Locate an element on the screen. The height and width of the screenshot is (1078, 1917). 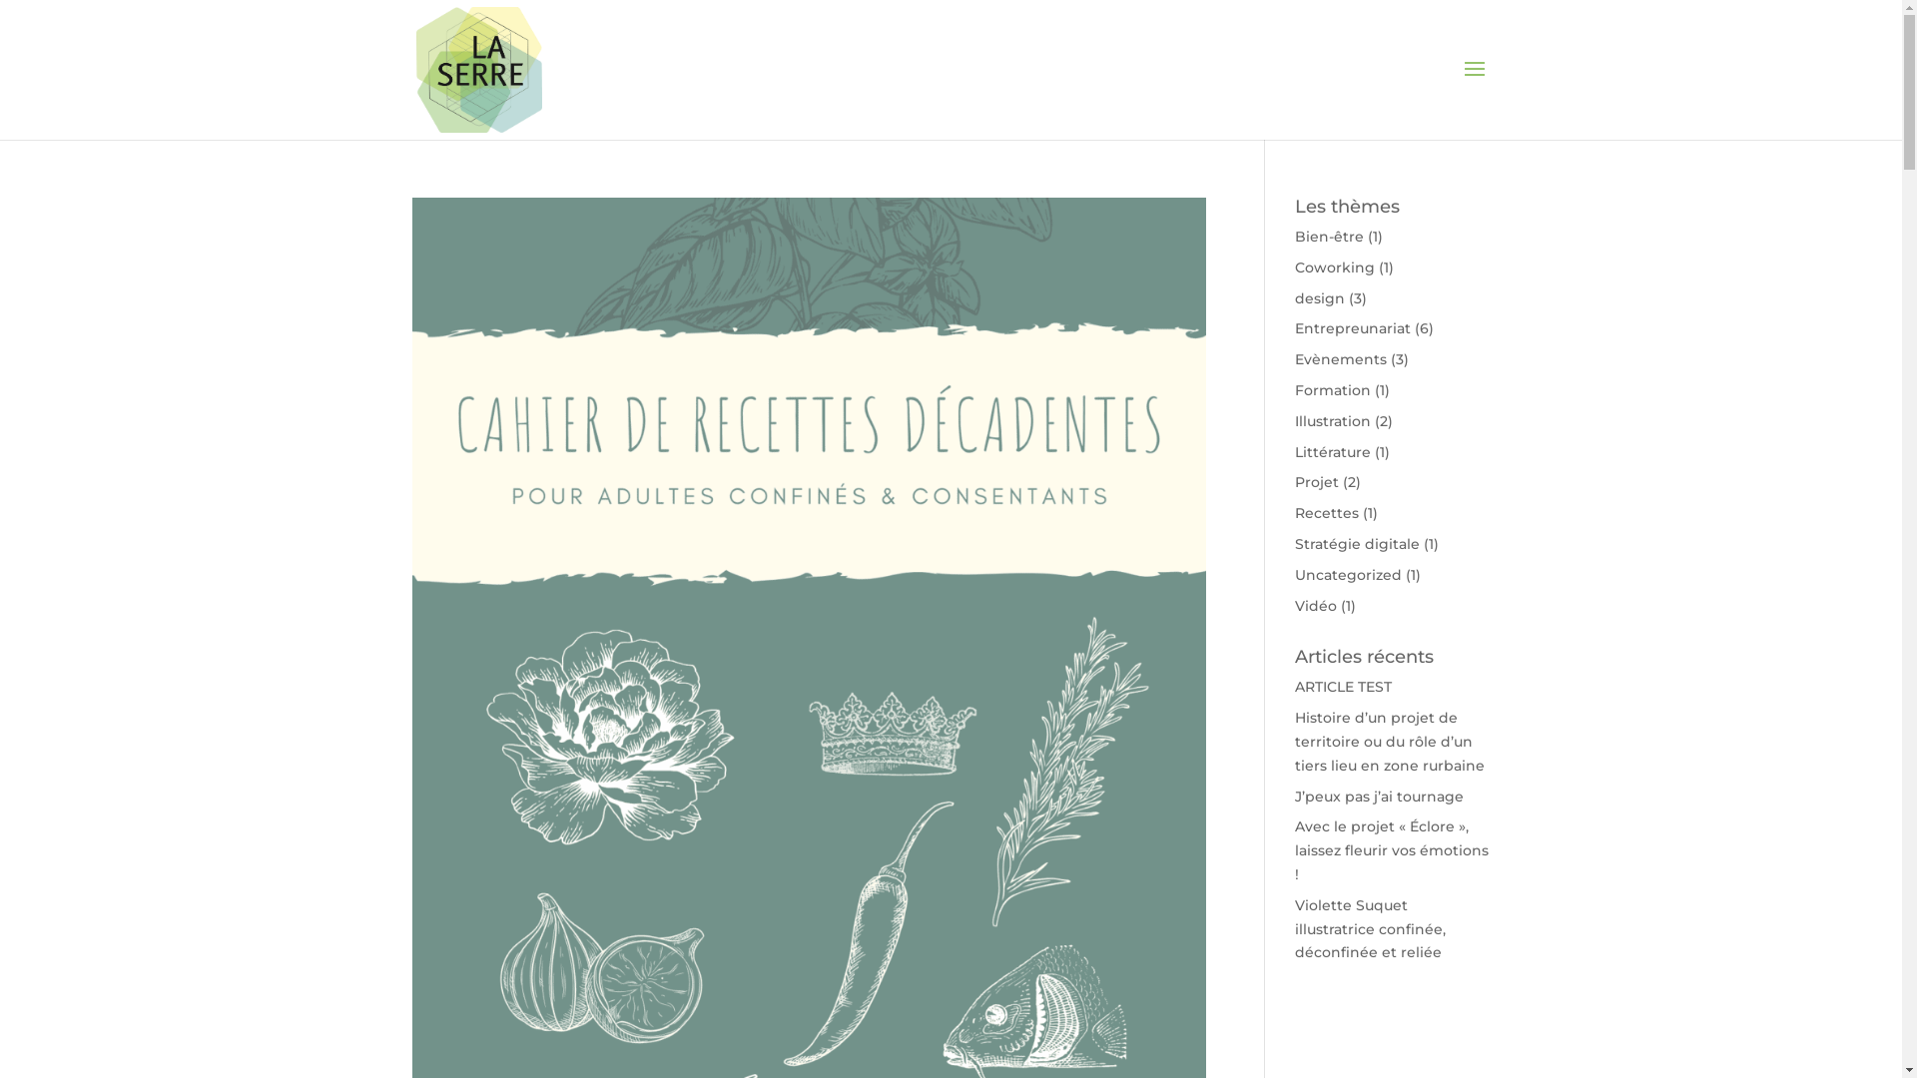
'Coworking' is located at coordinates (1294, 266).